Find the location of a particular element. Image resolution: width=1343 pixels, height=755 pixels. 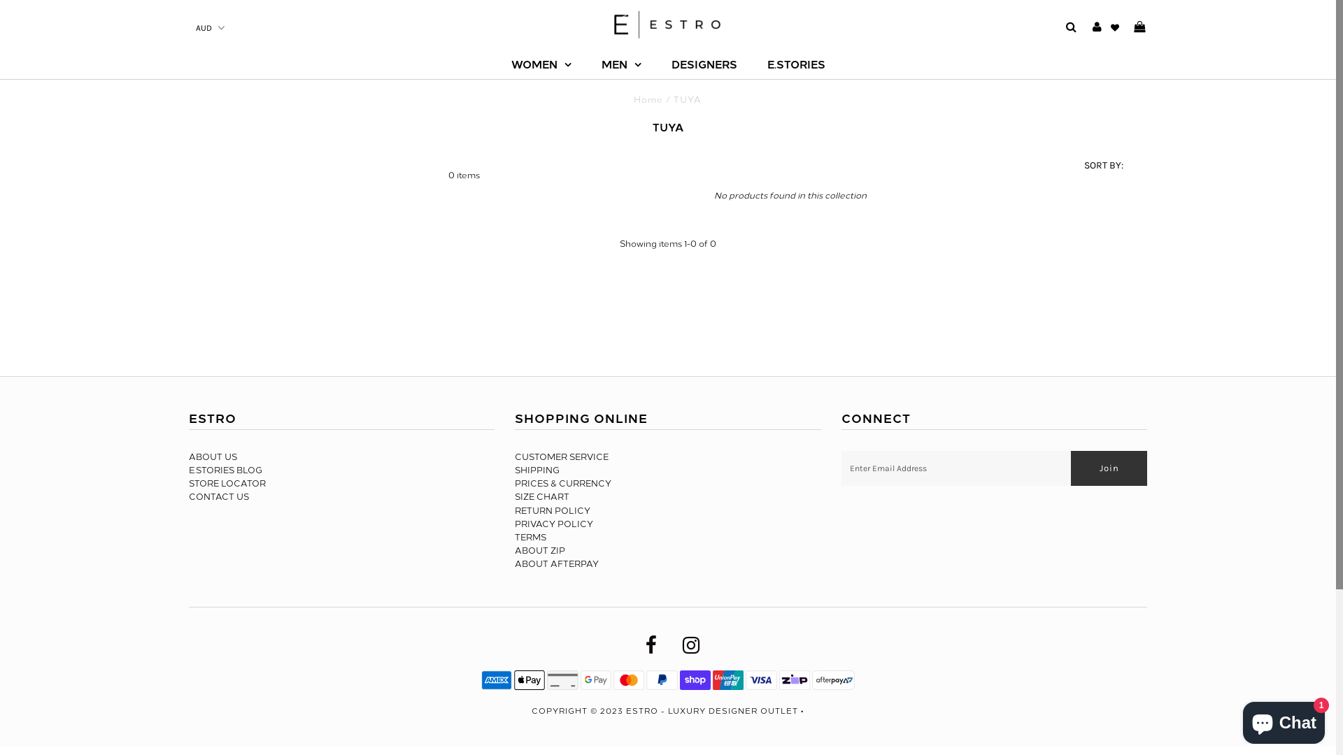

'TERMS' is located at coordinates (530, 536).